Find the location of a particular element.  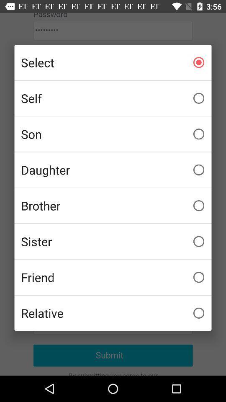

the checkbox below the self item is located at coordinates (113, 134).